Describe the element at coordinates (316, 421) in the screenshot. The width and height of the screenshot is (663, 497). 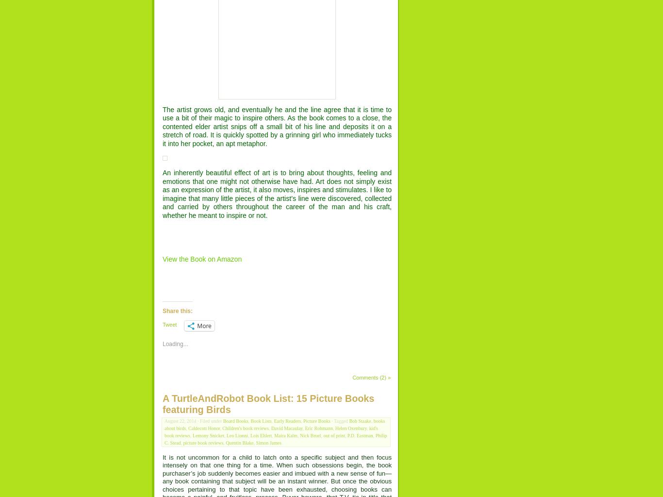
I see `'Picture Books'` at that location.